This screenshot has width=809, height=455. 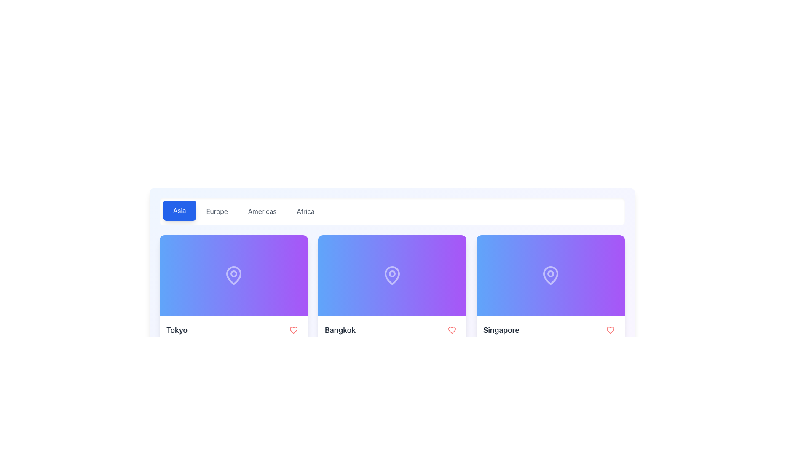 I want to click on the heart-shaped icon at the bottom-right corner of the 'Bangkok' card to mark the item as liked or favorited, so click(x=452, y=329).